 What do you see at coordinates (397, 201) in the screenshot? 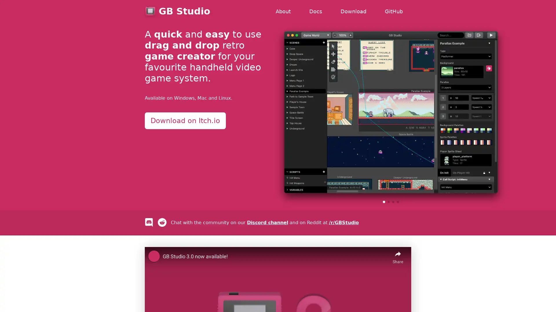
I see `Go to slide 4` at bounding box center [397, 201].